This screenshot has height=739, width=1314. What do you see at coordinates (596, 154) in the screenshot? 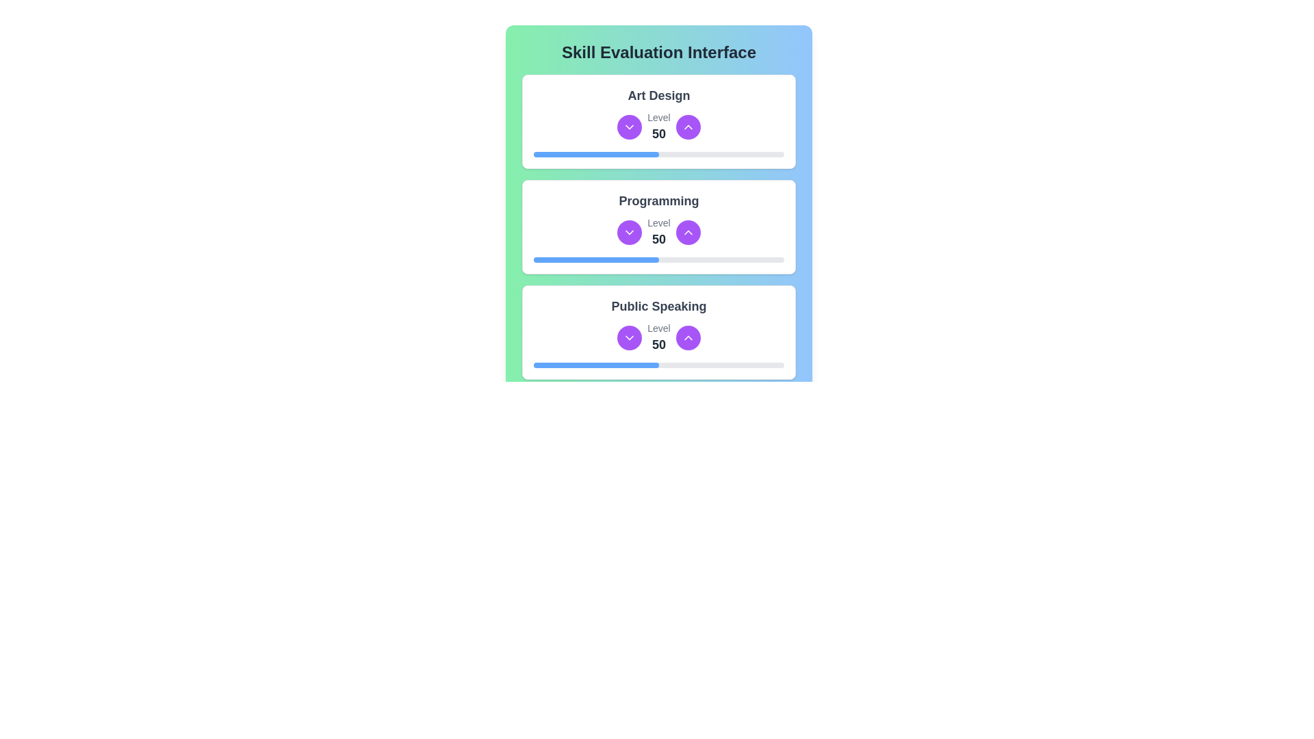
I see `the progress bar fill indicating 50% completion for the 'Art Design' skill in the Skill Evaluation Interface` at bounding box center [596, 154].